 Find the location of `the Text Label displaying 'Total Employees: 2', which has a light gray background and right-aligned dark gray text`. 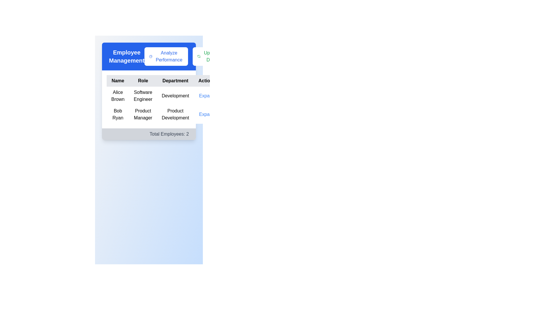

the Text Label displaying 'Total Employees: 2', which has a light gray background and right-aligned dark gray text is located at coordinates (149, 134).